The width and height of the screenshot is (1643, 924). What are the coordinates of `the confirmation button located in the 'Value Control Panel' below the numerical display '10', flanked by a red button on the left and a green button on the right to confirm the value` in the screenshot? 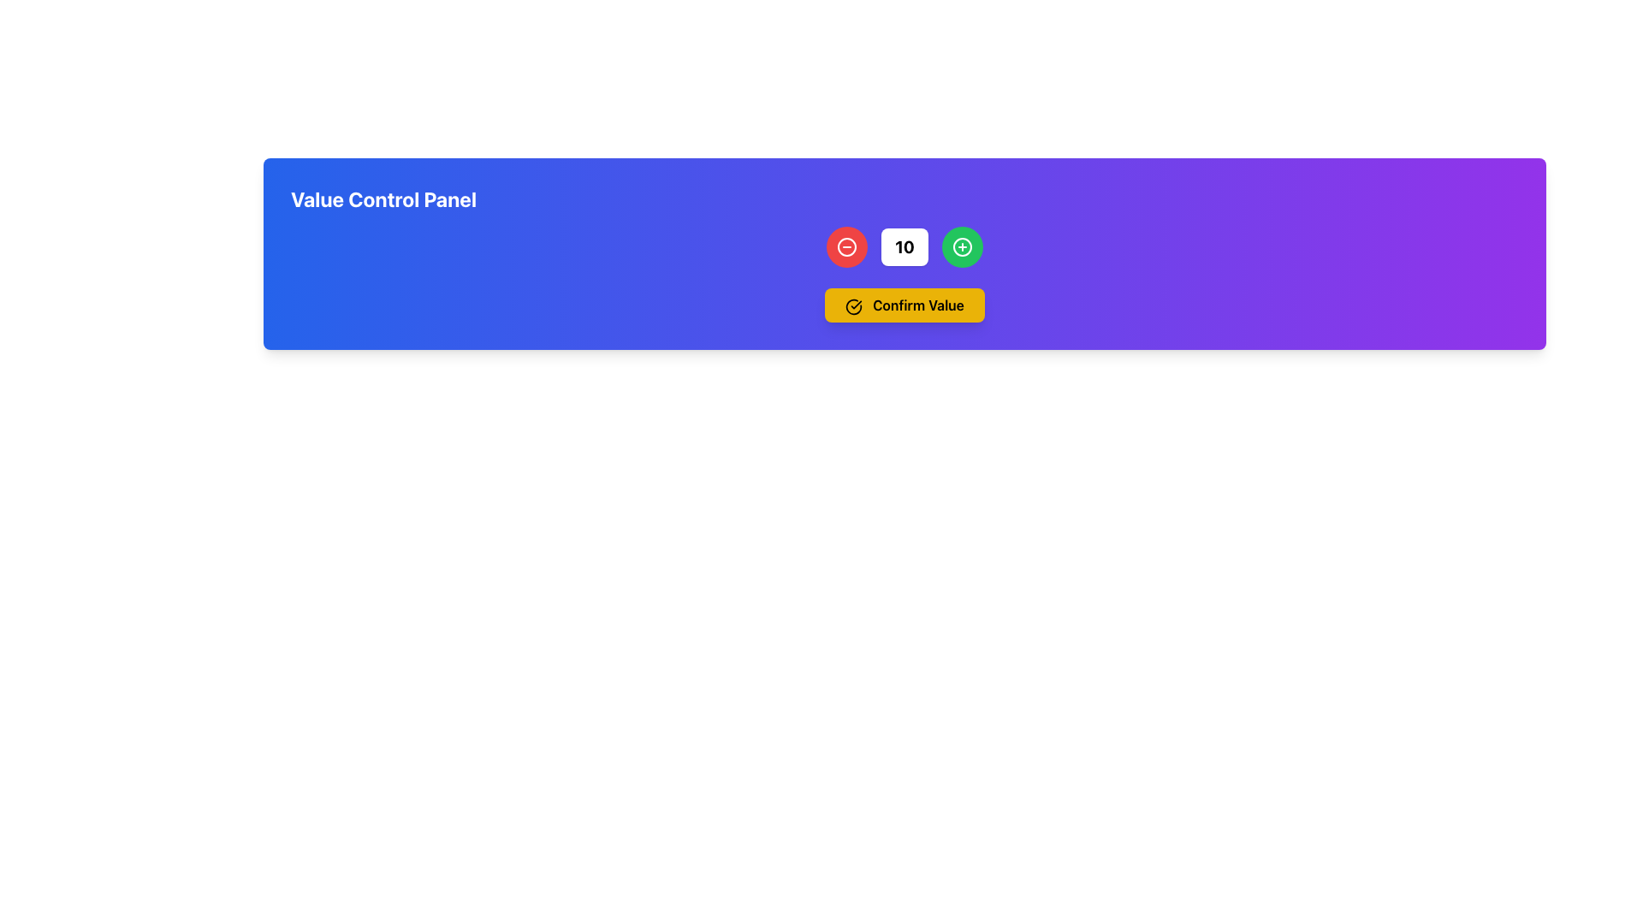 It's located at (904, 305).